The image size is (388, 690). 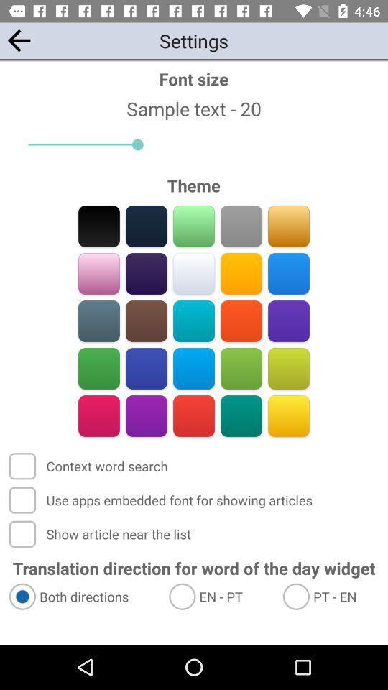 I want to click on radio button next to the en - pt, so click(x=83, y=597).